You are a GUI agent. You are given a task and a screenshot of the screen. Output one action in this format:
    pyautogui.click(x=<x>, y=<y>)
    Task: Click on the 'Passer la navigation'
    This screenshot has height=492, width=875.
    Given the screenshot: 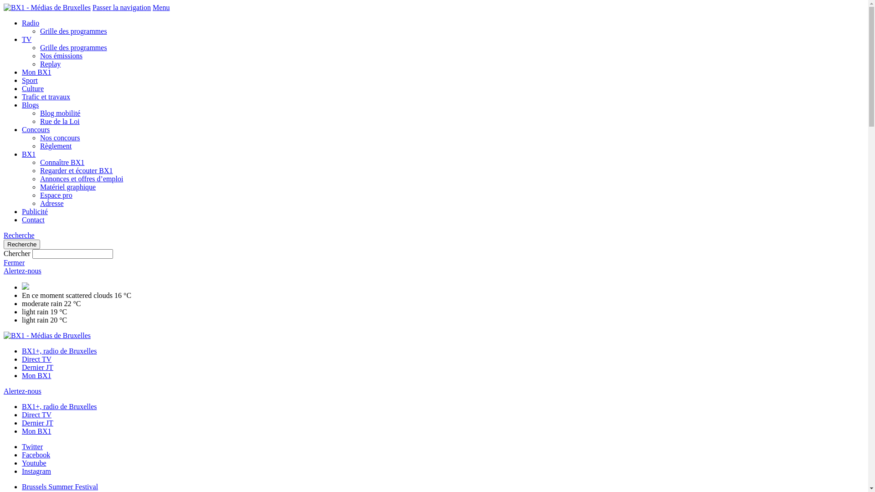 What is the action you would take?
    pyautogui.click(x=121, y=7)
    